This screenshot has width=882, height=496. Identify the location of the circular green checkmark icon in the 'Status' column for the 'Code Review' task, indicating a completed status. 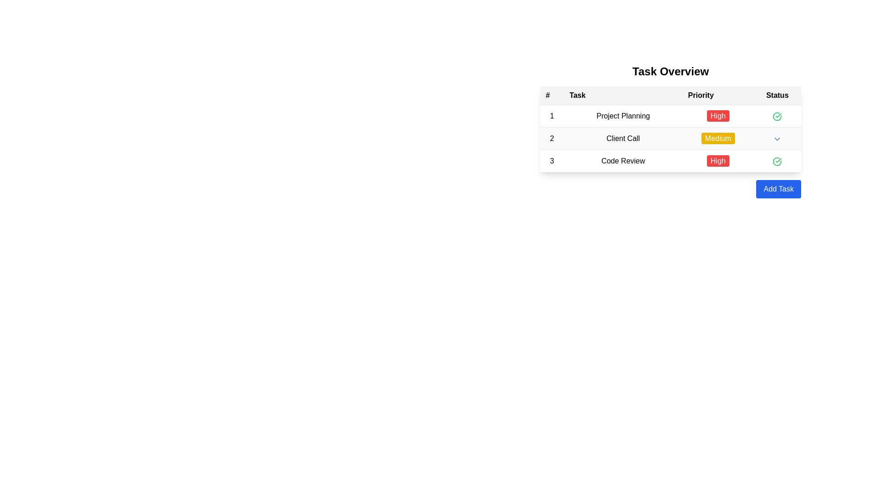
(777, 161).